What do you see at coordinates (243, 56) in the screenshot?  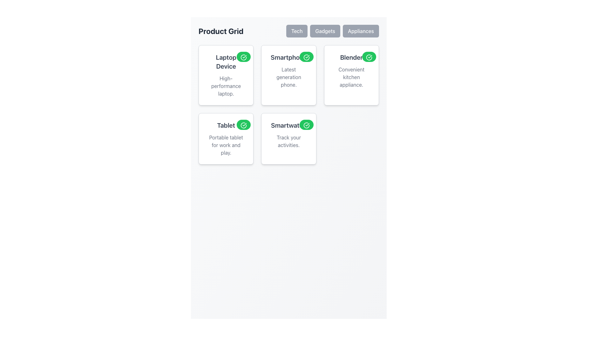 I see `the confirmation button located at the top-right corner of the 'Laptop Device' card` at bounding box center [243, 56].